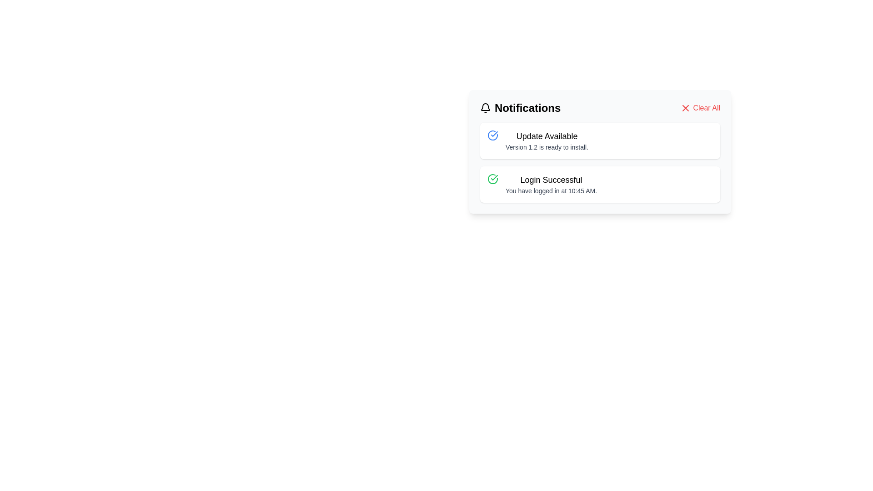 The height and width of the screenshot is (491, 873). What do you see at coordinates (547, 147) in the screenshot?
I see `the static text displaying 'Version 1.2 is ready to install.' located under the title 'Update Available' within the notification bubble` at bounding box center [547, 147].